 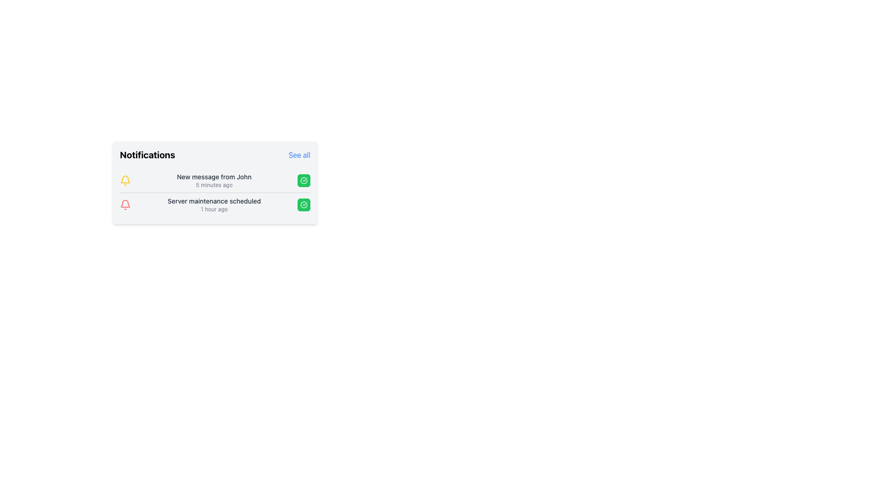 I want to click on the circular arc of the green checkmark icon located on the right of the notification indicating 'Server maintenance scheduled', so click(x=304, y=180).